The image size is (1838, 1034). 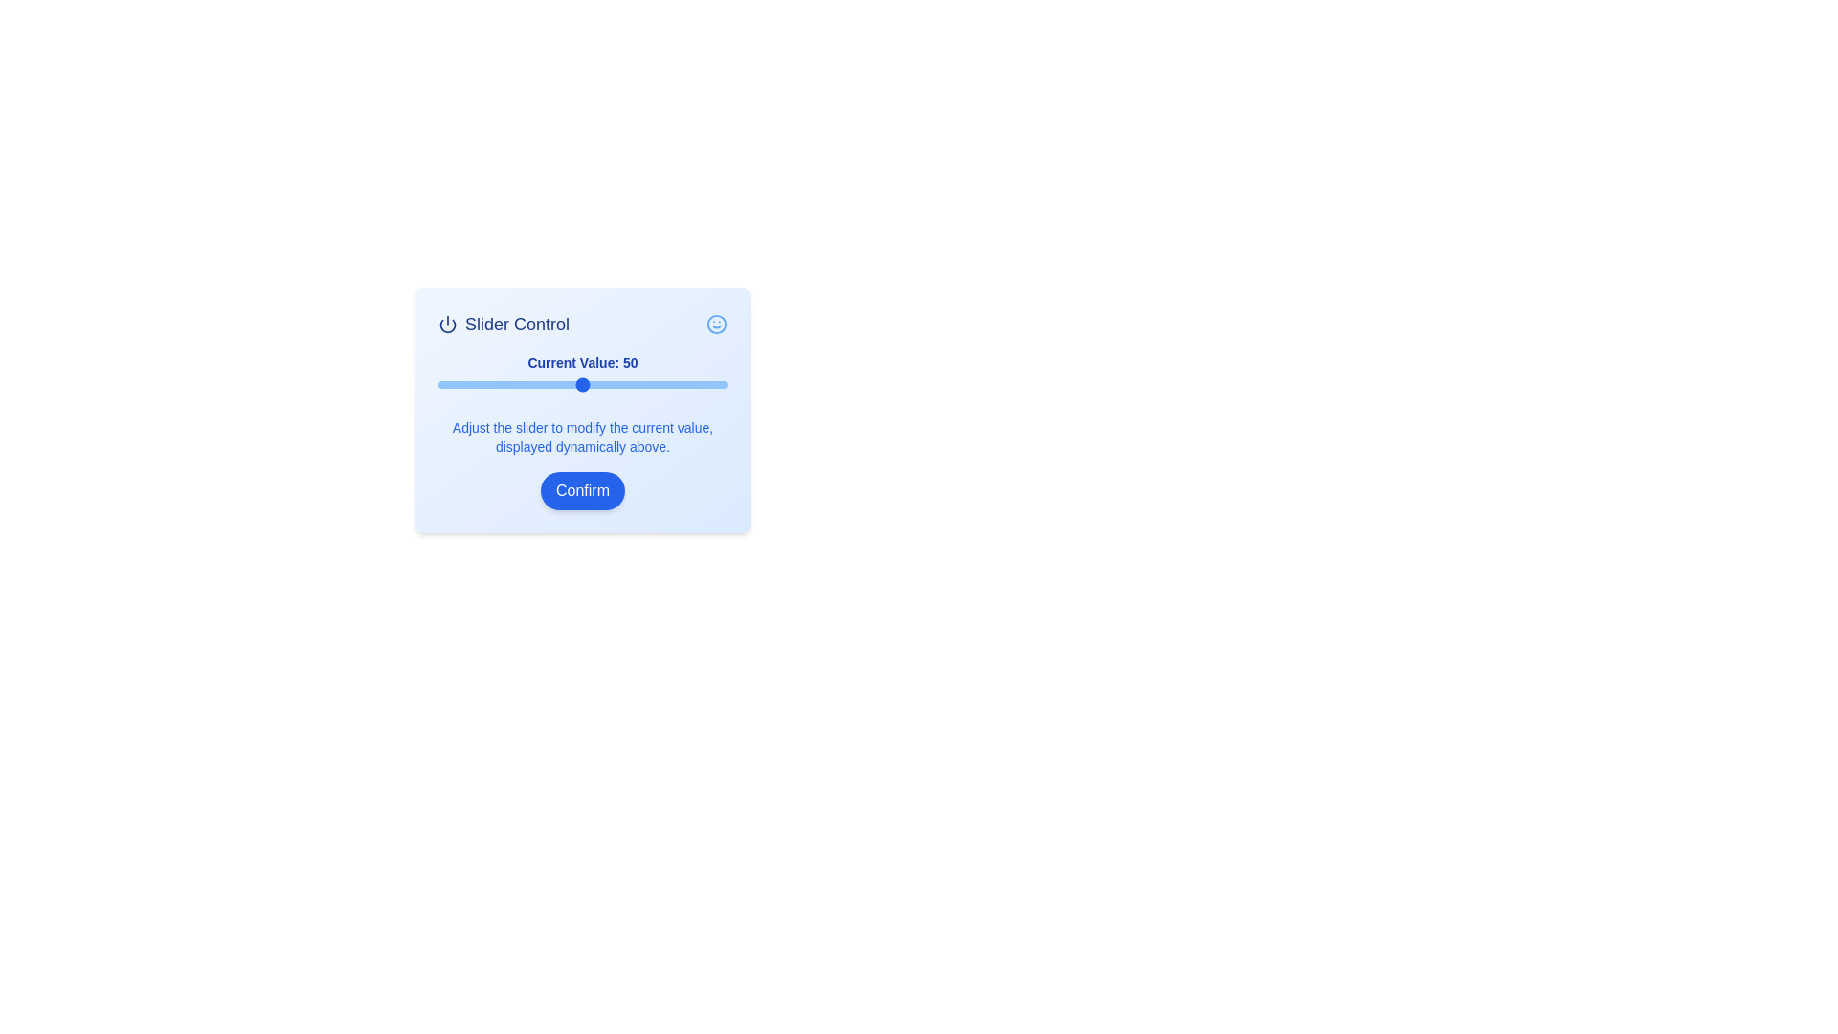 What do you see at coordinates (525, 384) in the screenshot?
I see `the slider's value` at bounding box center [525, 384].